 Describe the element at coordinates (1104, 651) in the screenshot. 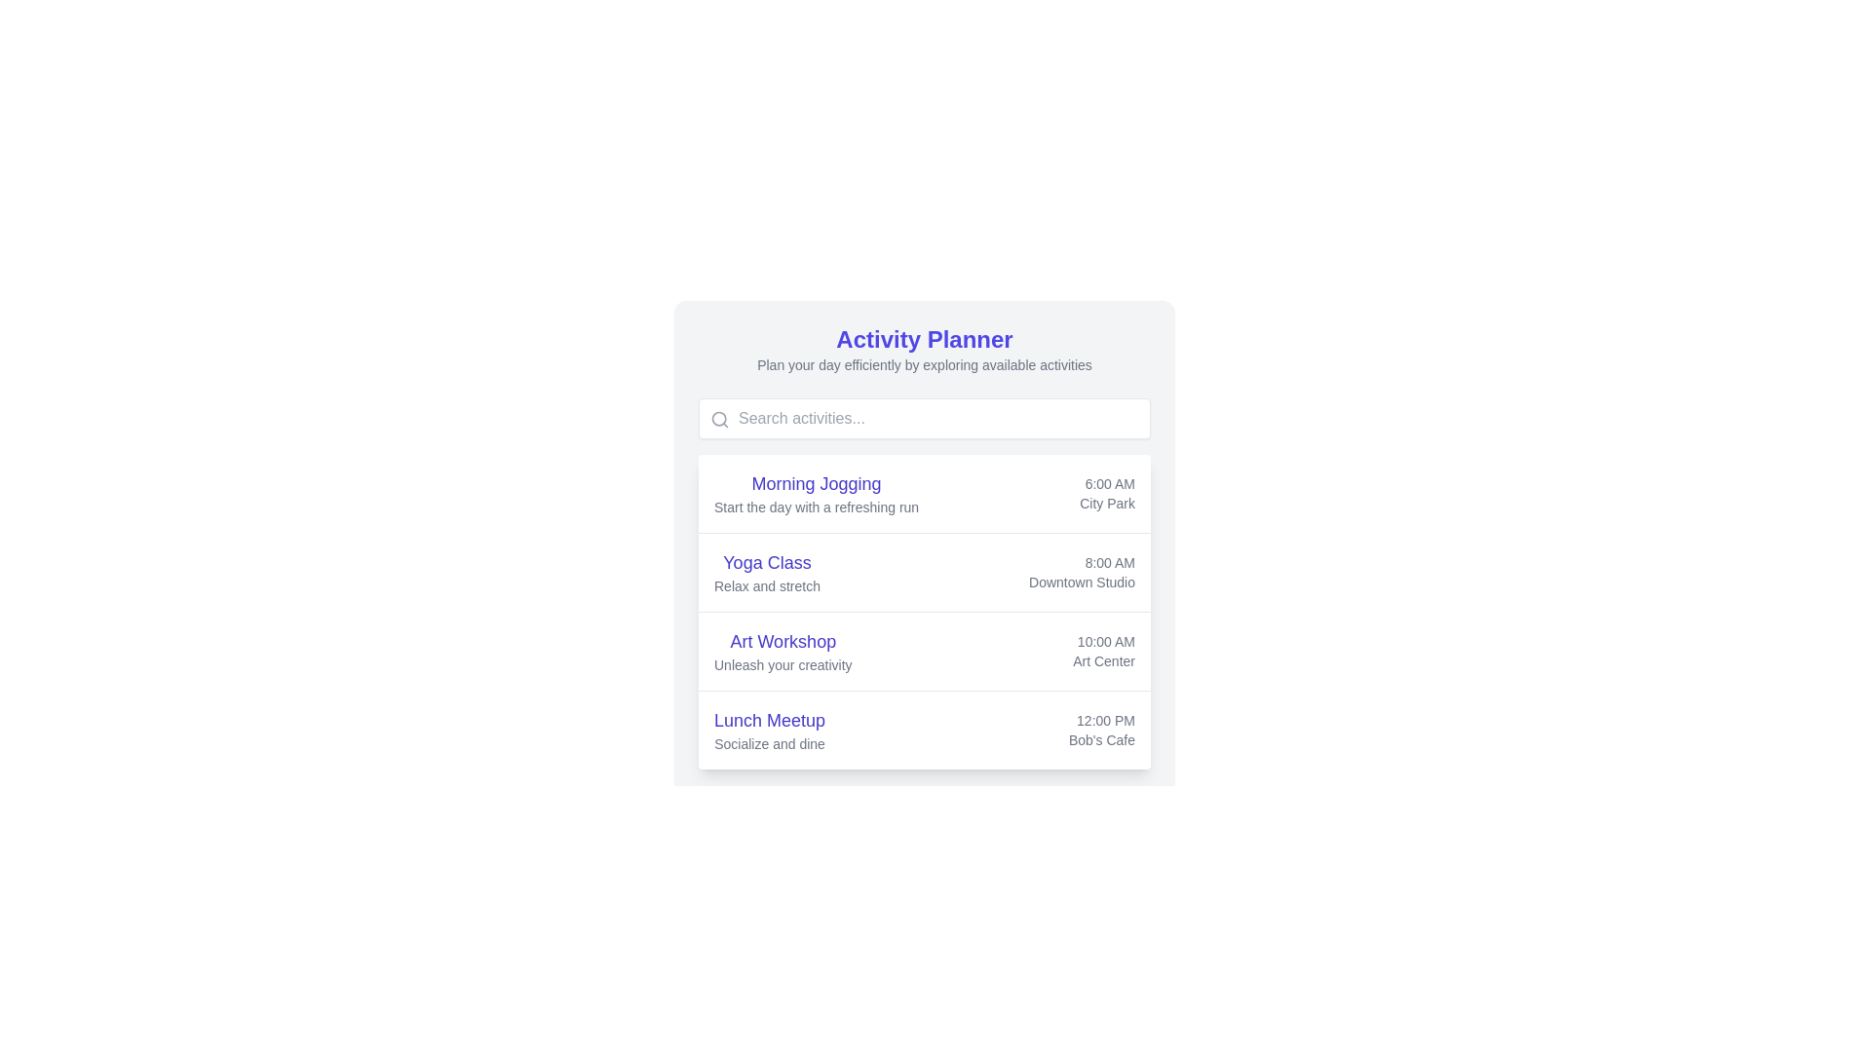

I see `text label displaying the scheduled time ('10:00 AM') and location ('Art Center') for the event under the 'Art Workshop' section, which is positioned in the right-aligned column below the description` at that location.